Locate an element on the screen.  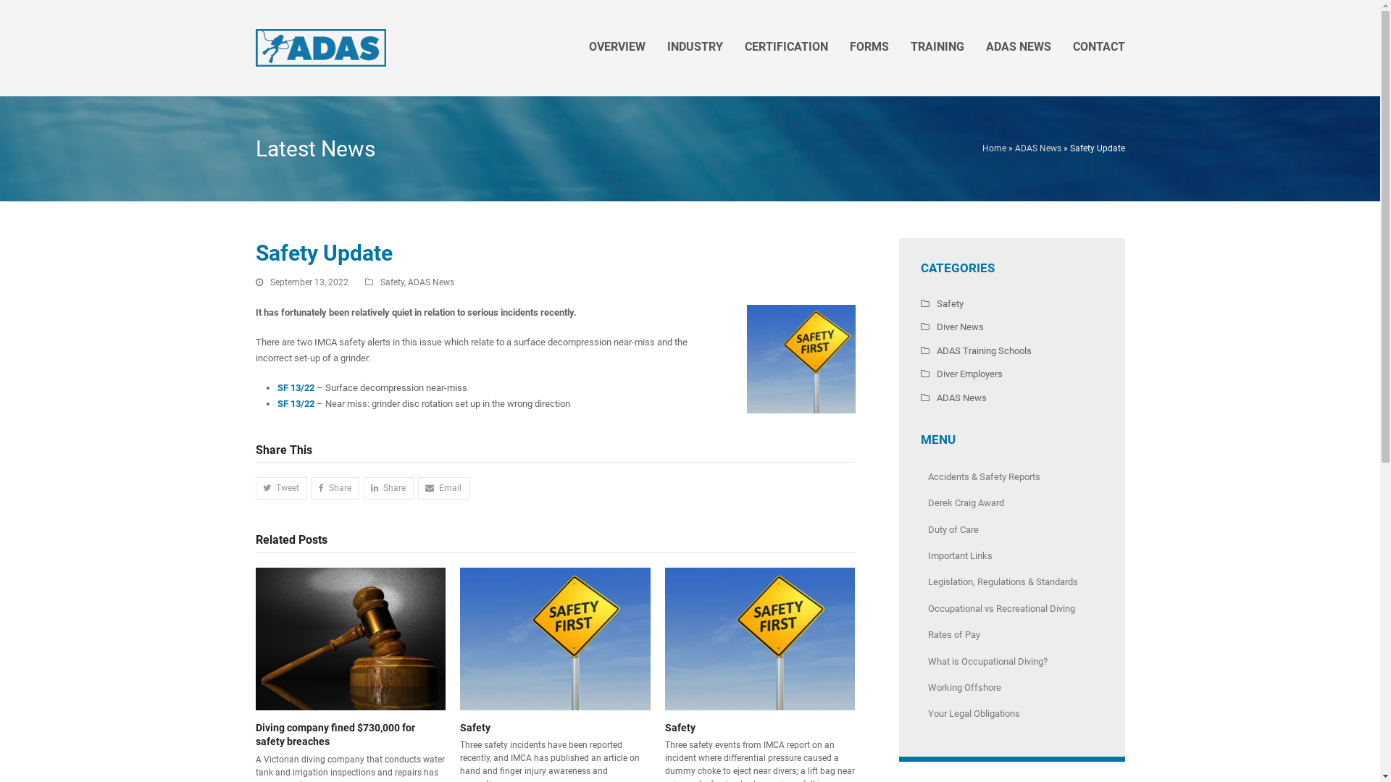
'Safety' is located at coordinates (664, 728).